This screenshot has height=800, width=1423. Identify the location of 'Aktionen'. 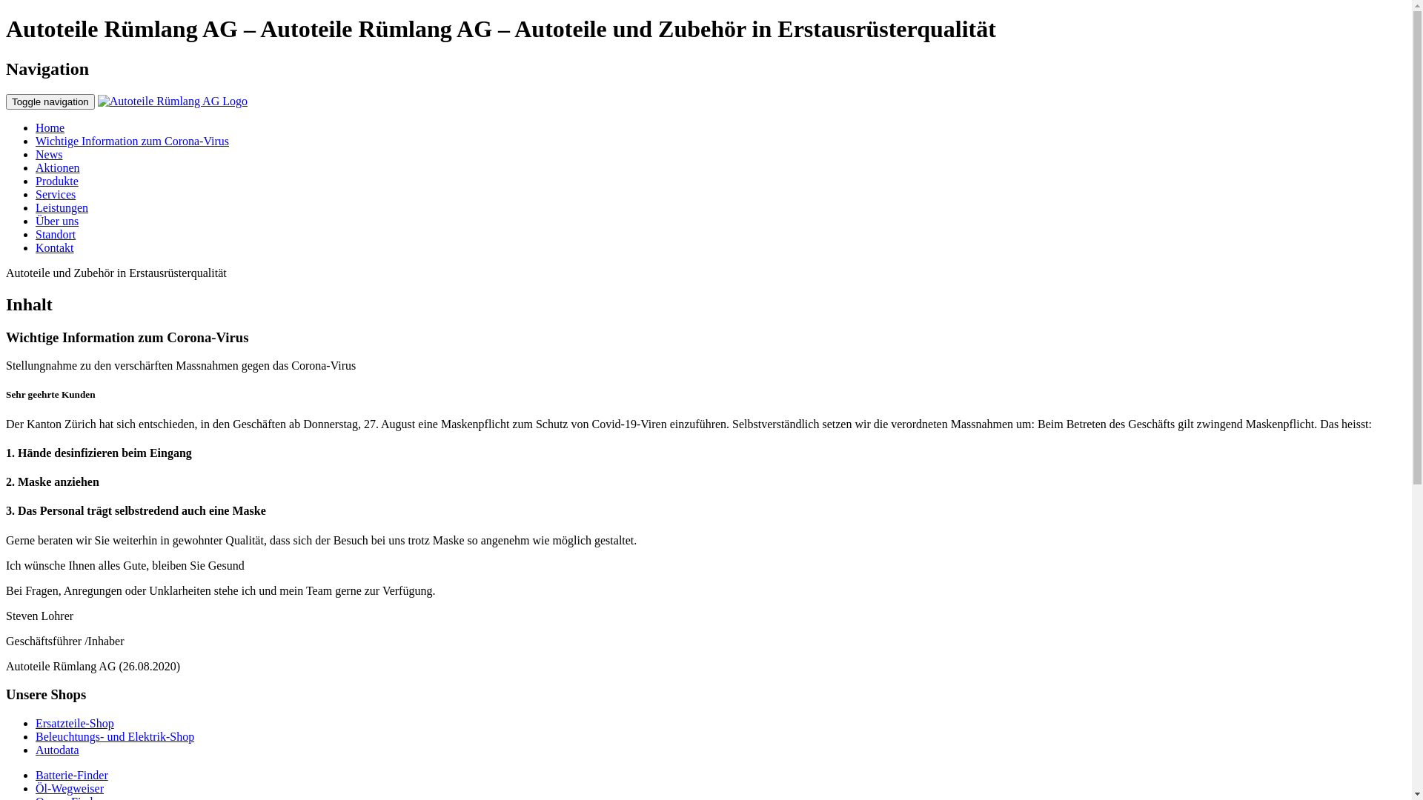
(57, 167).